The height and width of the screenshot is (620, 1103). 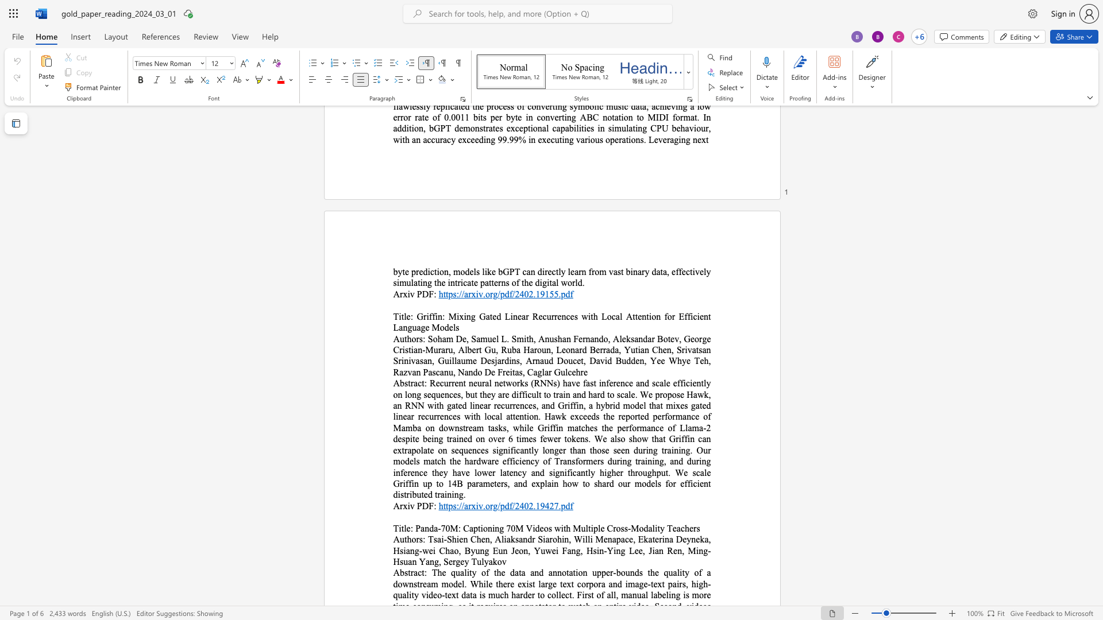 I want to click on the space between the continuous character "S" and "i" in the text, so click(x=541, y=539).